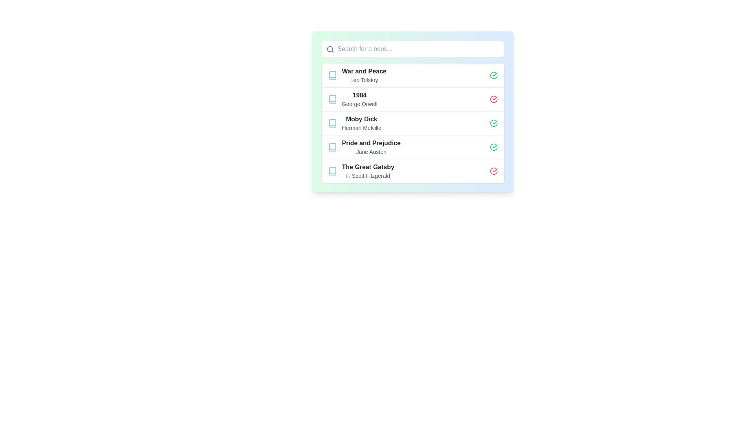  I want to click on the blue book icon in the third row of the list, specifically next to the Moby Dick text, so click(332, 123).